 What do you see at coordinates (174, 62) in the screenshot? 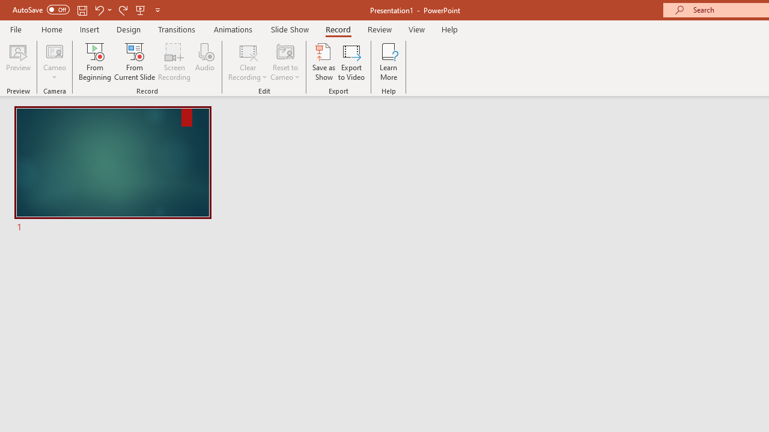
I see `'Screen Recording'` at bounding box center [174, 62].